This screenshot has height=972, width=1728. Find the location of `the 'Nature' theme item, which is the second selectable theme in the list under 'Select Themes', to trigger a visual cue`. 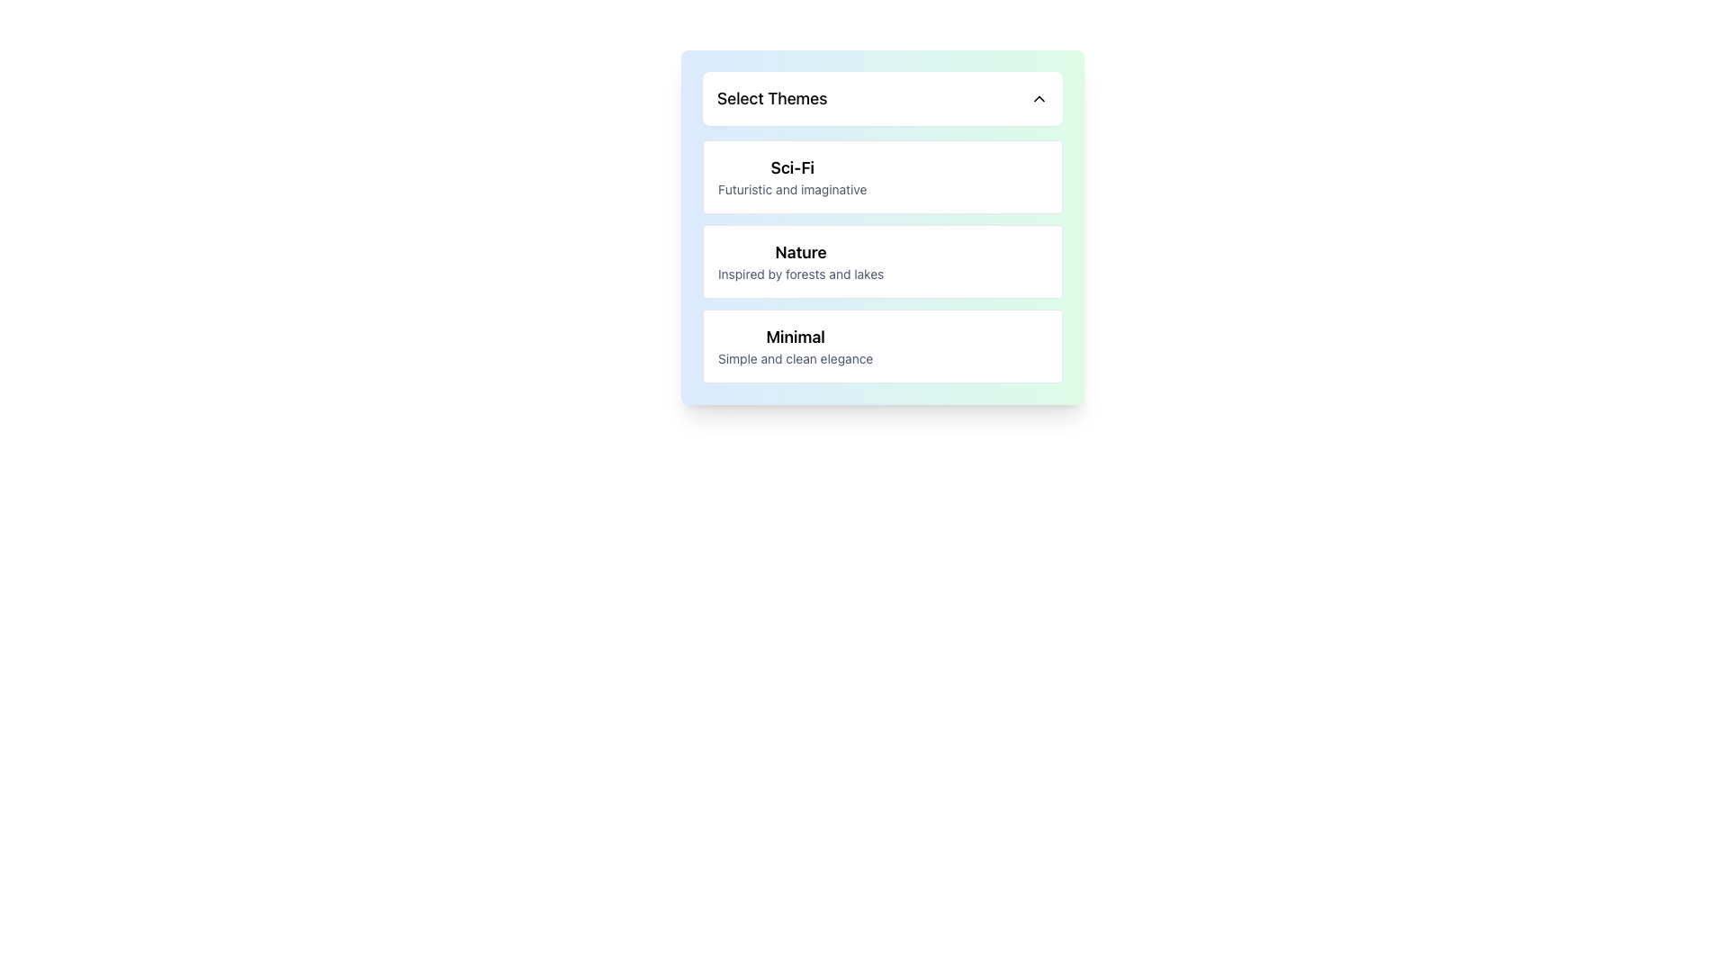

the 'Nature' theme item, which is the second selectable theme in the list under 'Select Themes', to trigger a visual cue is located at coordinates (882, 261).